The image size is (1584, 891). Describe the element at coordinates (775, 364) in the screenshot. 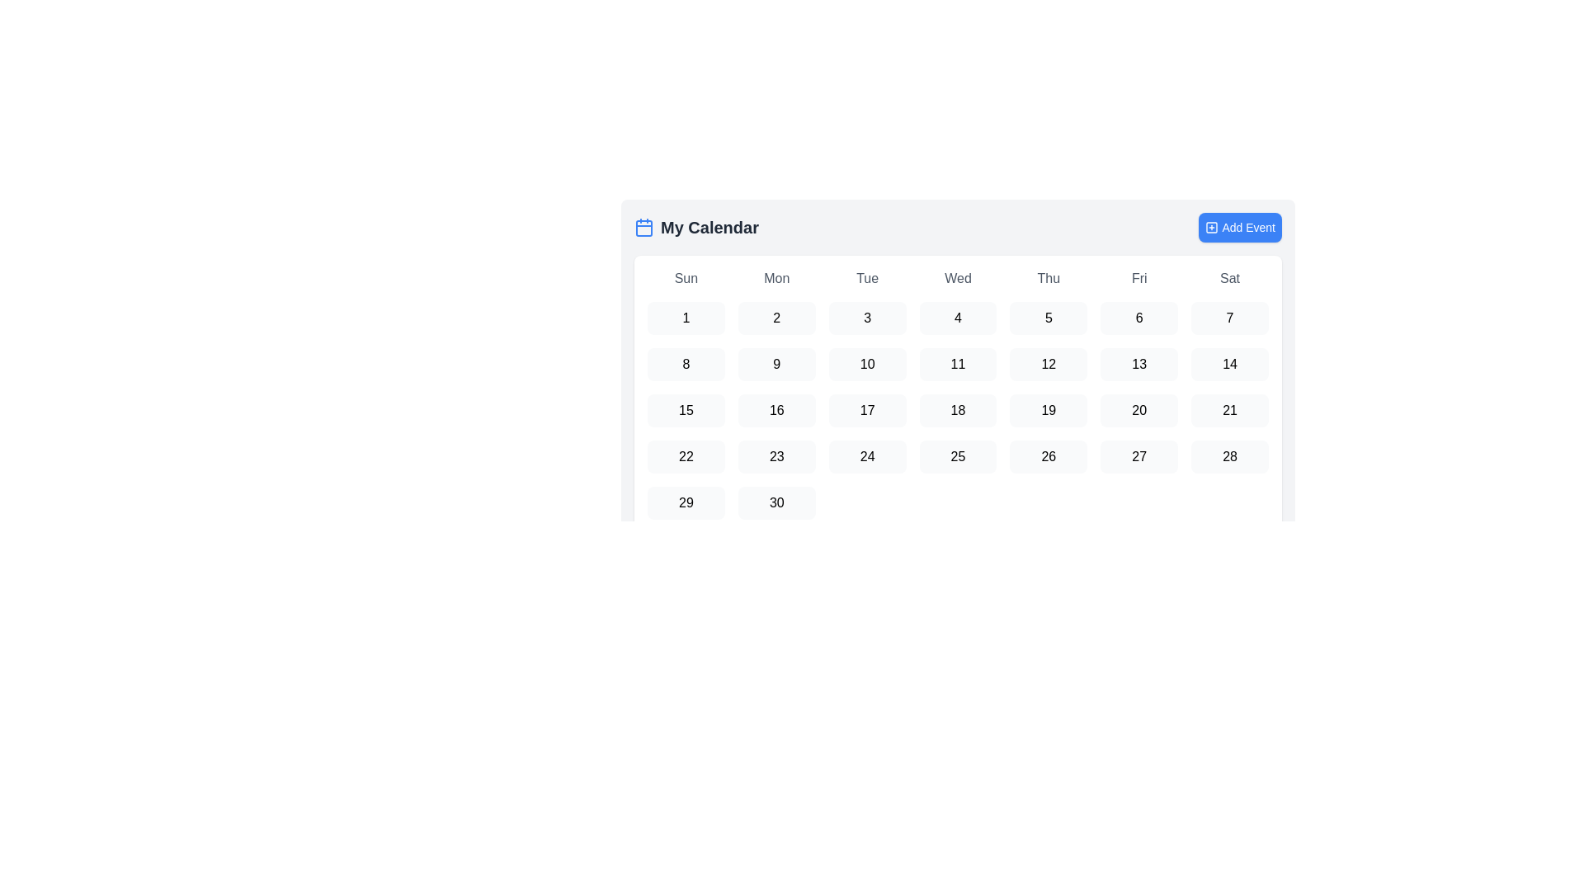

I see `the square button with a light gray background displaying the number '9', located in the second column under the Monday header and in the second row of the calendar grid` at that location.